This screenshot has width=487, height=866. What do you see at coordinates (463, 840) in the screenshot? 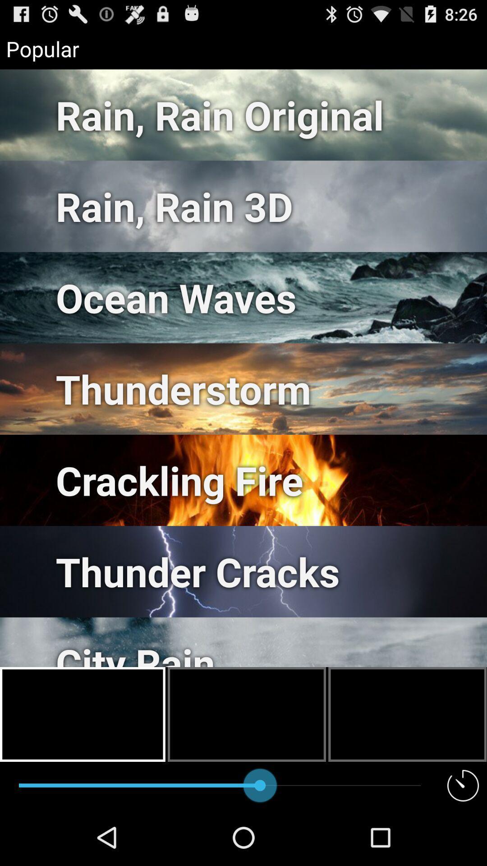
I see `the time icon` at bounding box center [463, 840].